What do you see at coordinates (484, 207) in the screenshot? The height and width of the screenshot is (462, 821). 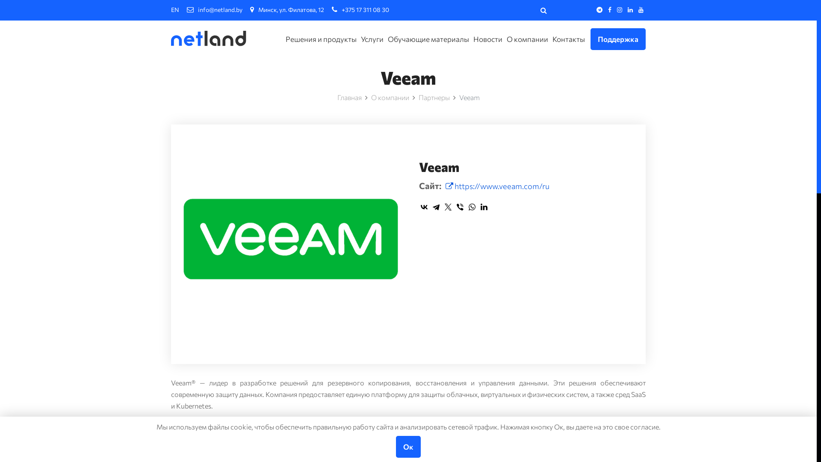 I see `'LinkedIn'` at bounding box center [484, 207].